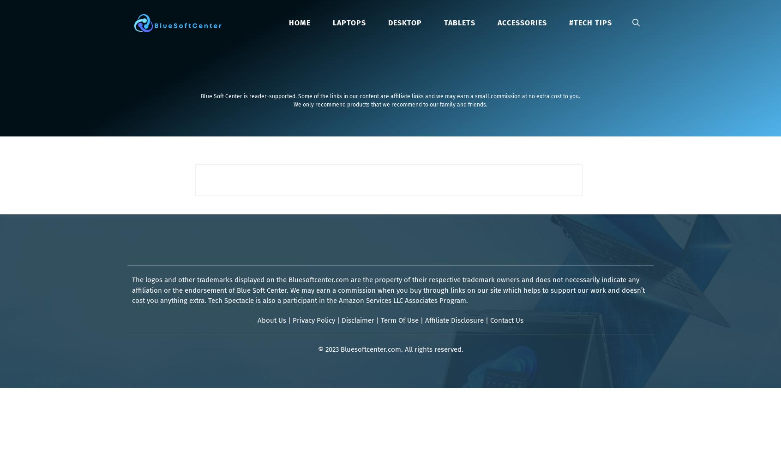  What do you see at coordinates (404, 23) in the screenshot?
I see `'Desktop'` at bounding box center [404, 23].